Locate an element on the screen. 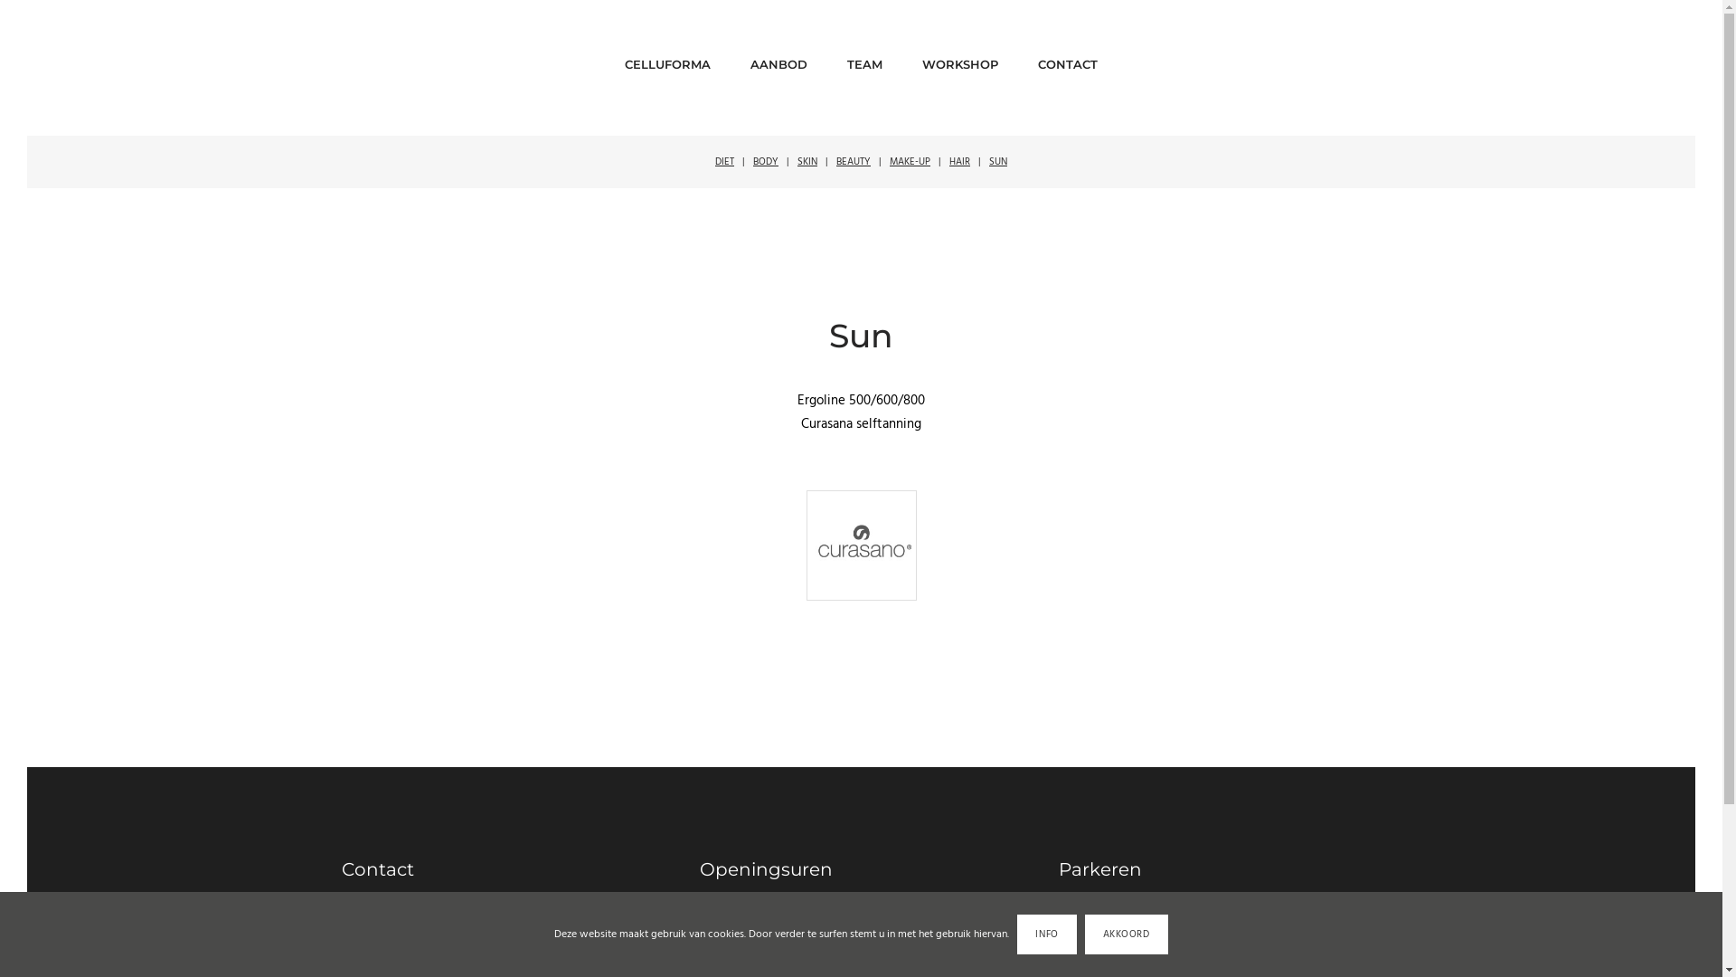 This screenshot has height=977, width=1736. 'SUN' is located at coordinates (997, 160).